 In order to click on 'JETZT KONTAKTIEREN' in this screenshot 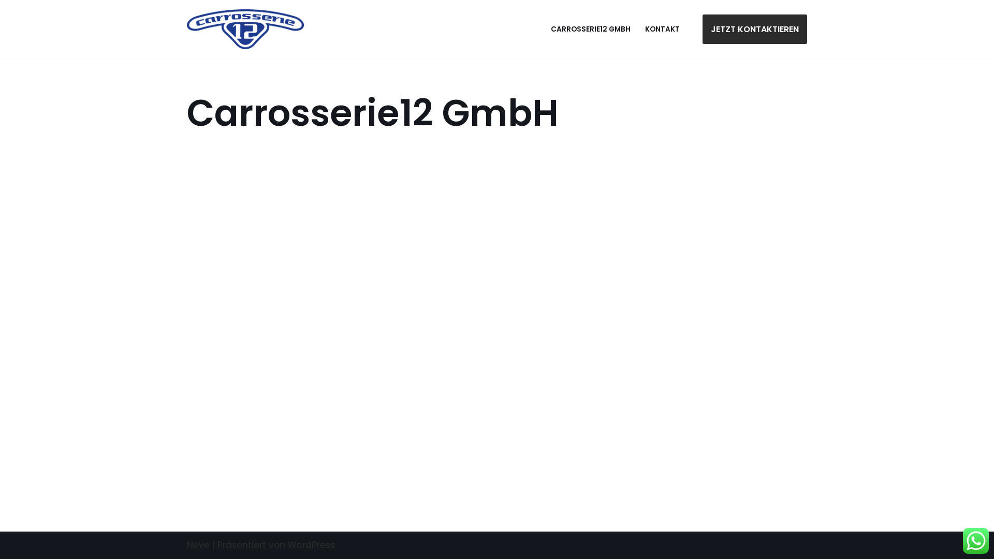, I will do `click(703, 29)`.